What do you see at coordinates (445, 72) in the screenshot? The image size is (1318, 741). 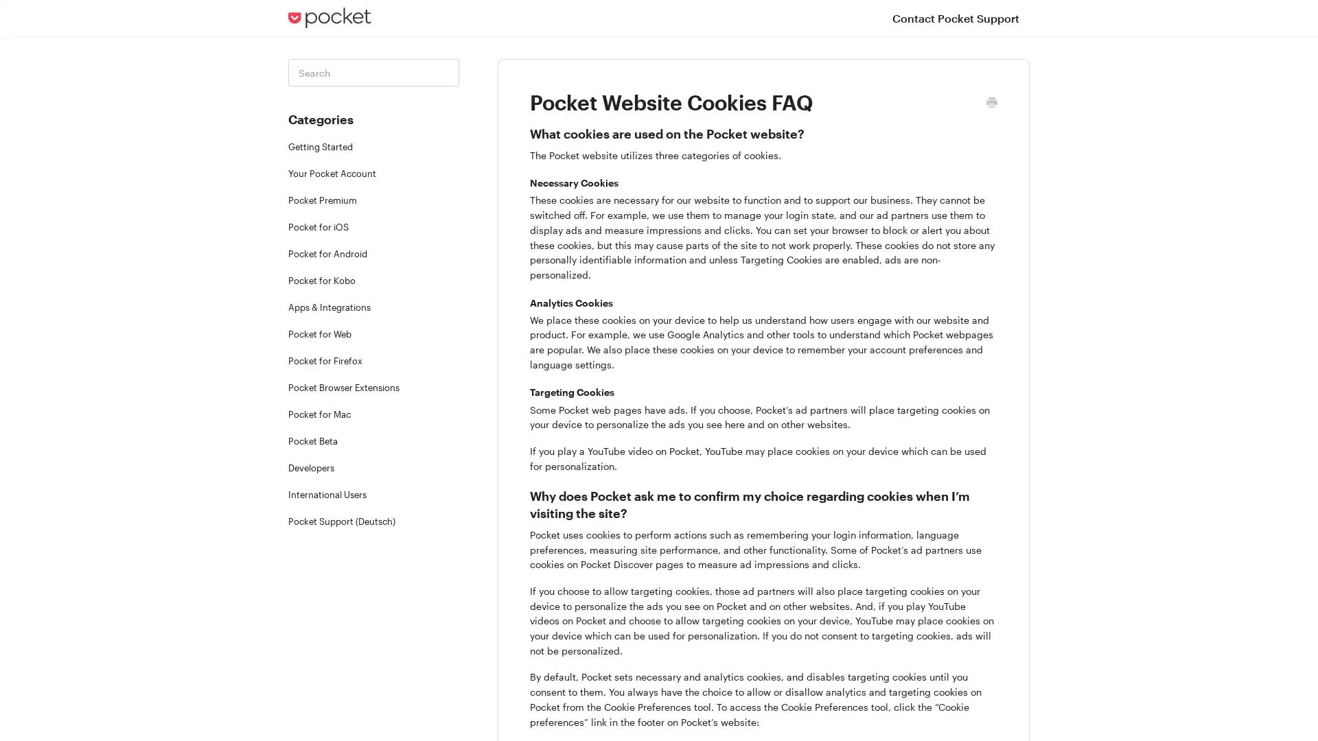 I see `Toggle Search` at bounding box center [445, 72].